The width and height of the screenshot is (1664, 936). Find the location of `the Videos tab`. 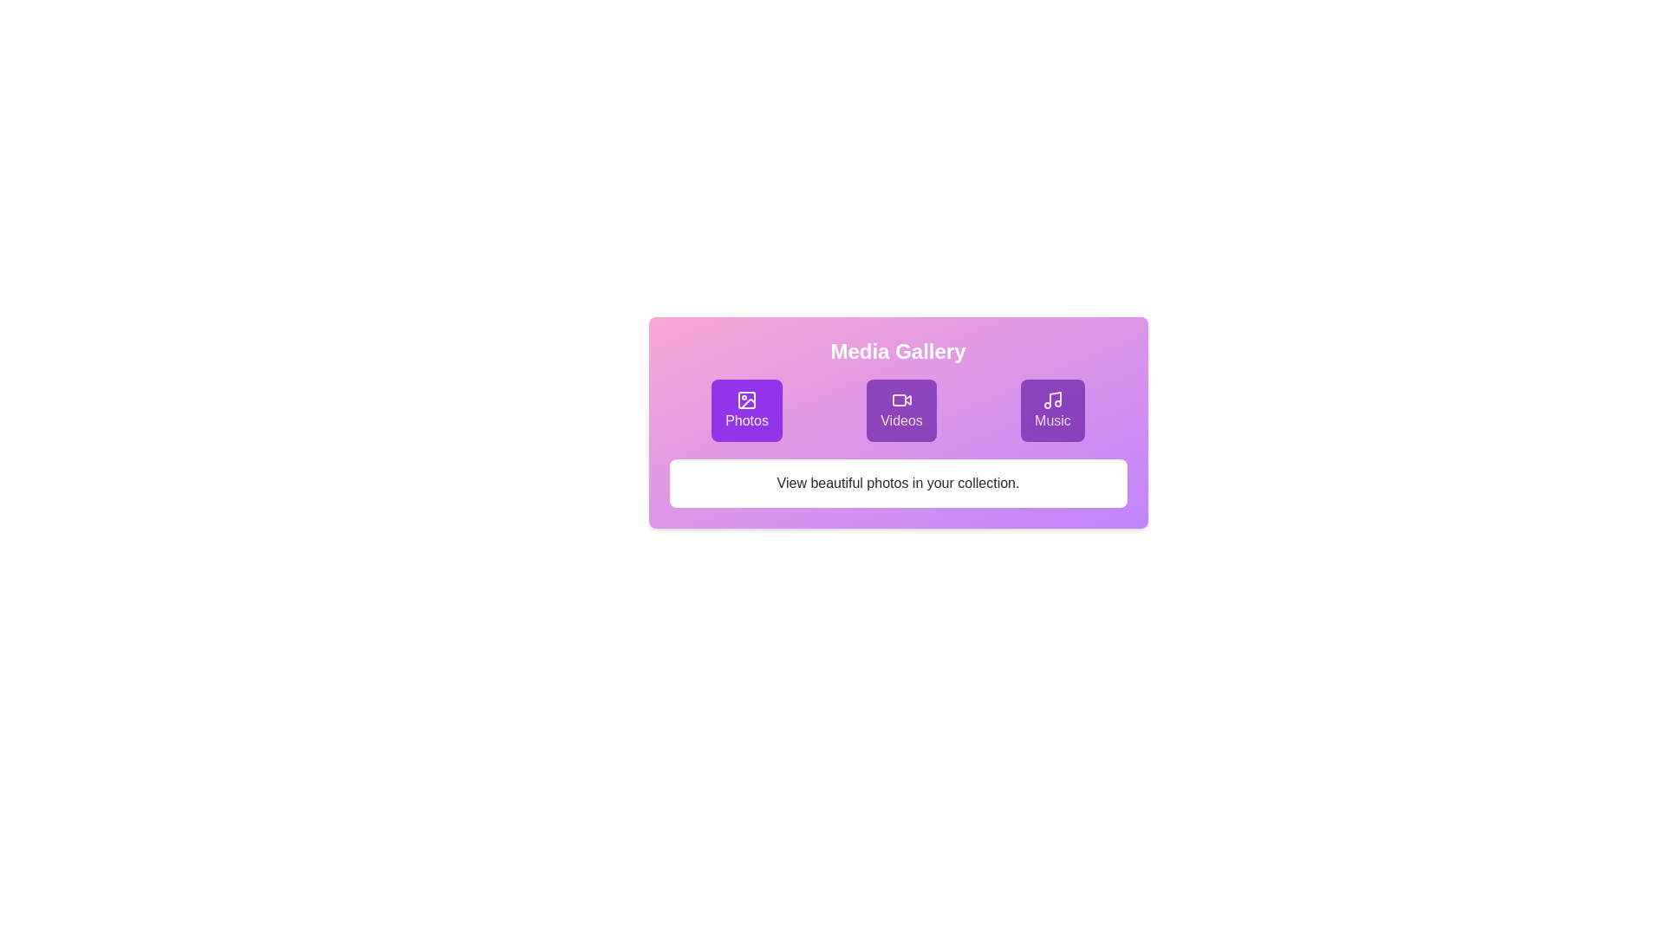

the Videos tab is located at coordinates (901, 411).